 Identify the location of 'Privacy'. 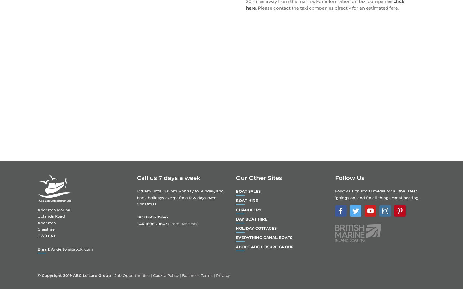
(223, 275).